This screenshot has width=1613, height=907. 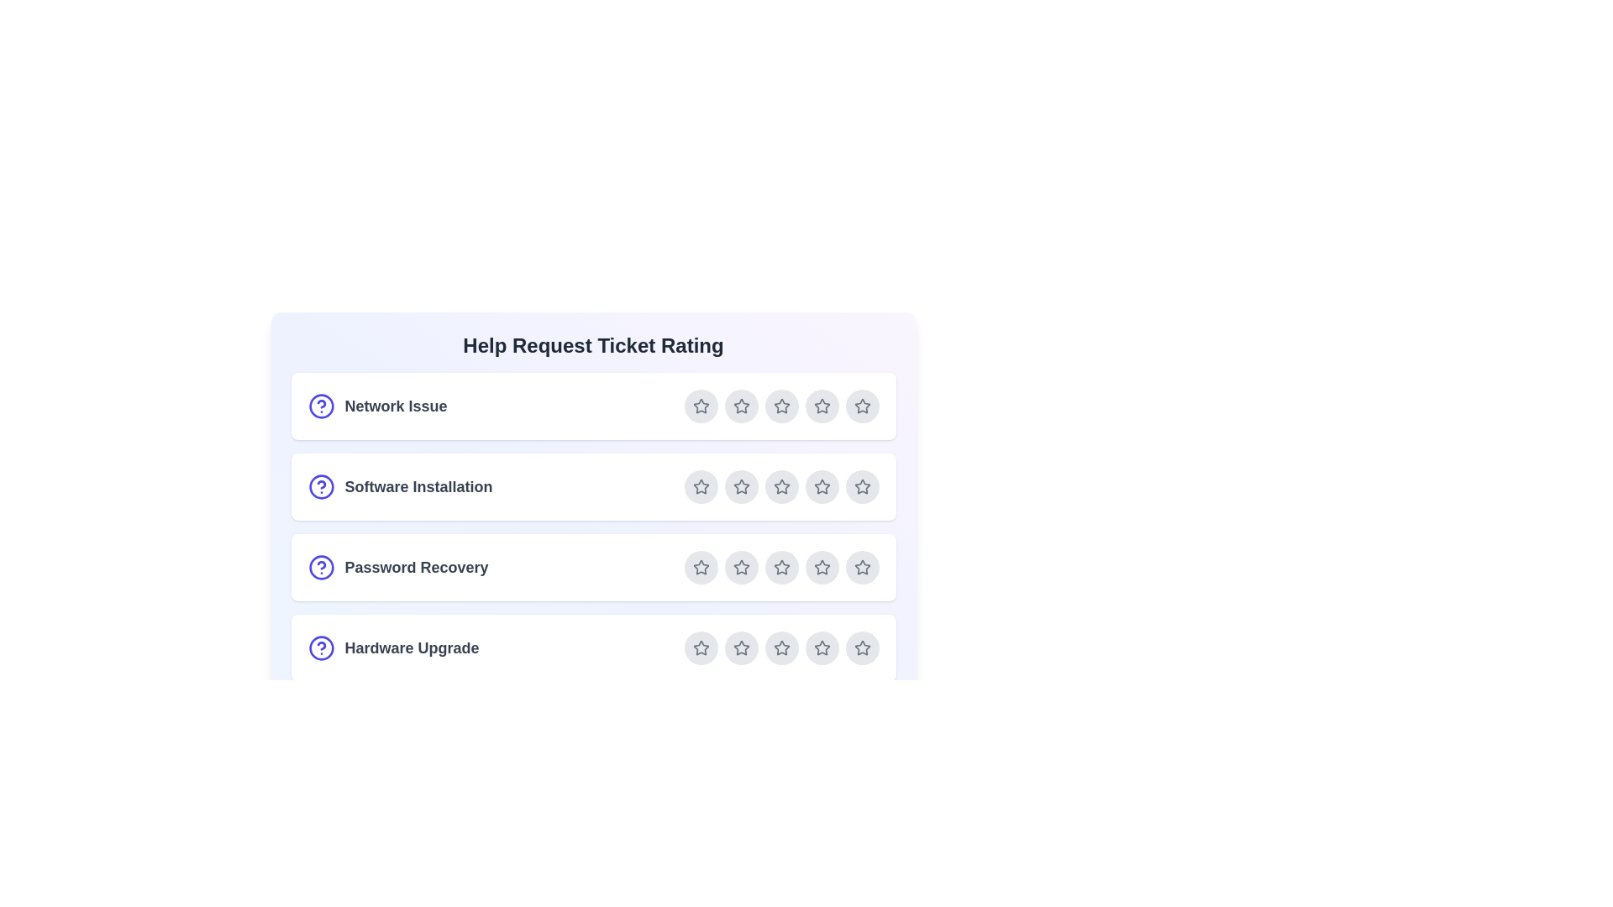 I want to click on the star corresponding to 3 for the ticket Password Recovery, so click(x=780, y=567).